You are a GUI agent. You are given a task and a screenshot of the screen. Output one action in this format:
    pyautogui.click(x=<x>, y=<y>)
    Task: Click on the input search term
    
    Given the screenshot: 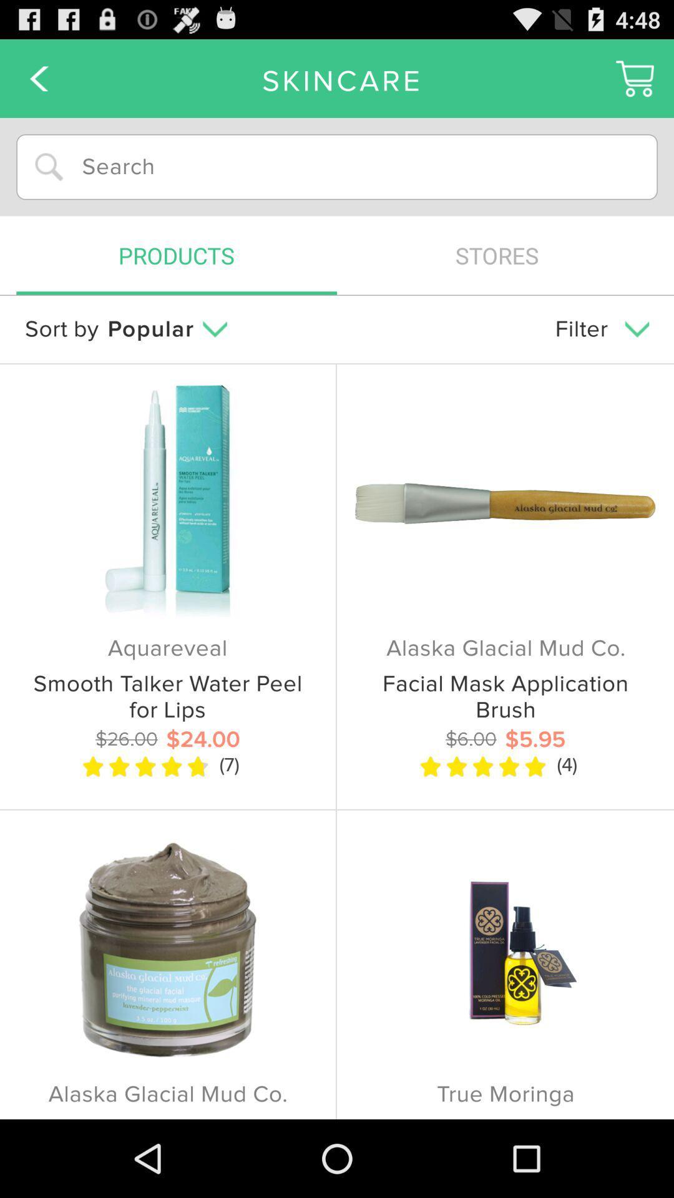 What is the action you would take?
    pyautogui.click(x=337, y=166)
    